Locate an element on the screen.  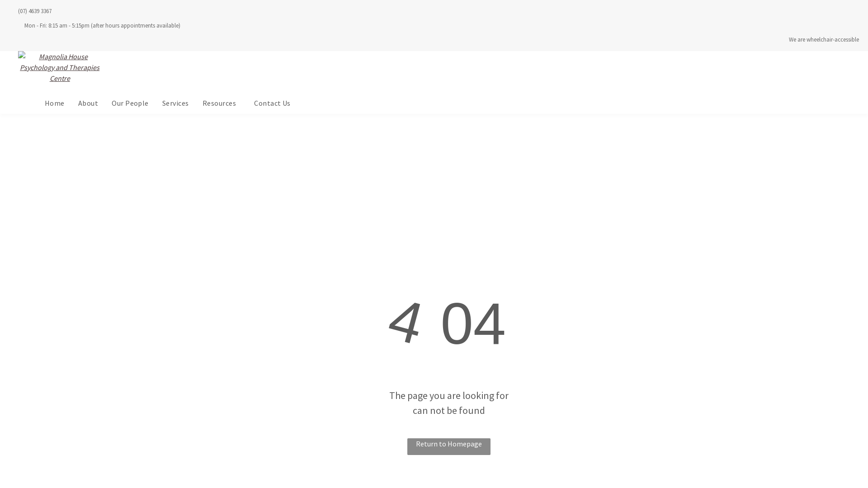
'(07) 4639 3367' is located at coordinates (34, 11).